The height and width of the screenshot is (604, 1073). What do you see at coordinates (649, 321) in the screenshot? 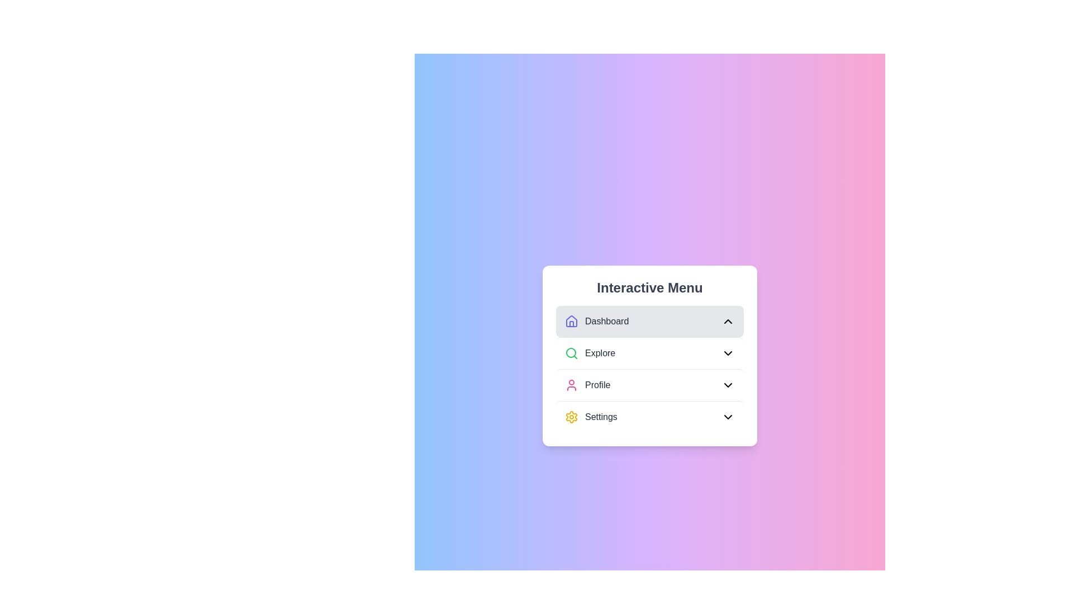
I see `the menu item Dashboard to preview its interaction` at bounding box center [649, 321].